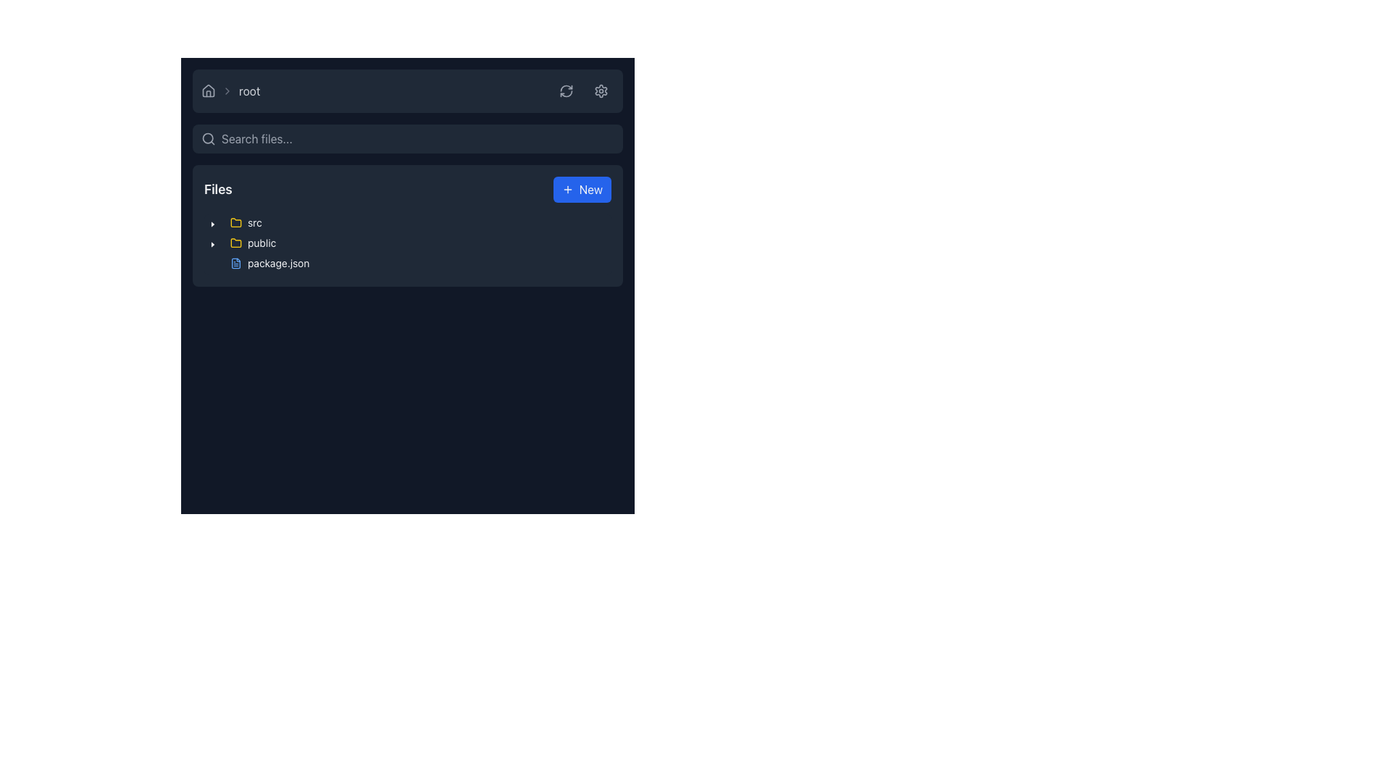 Image resolution: width=1391 pixels, height=782 pixels. What do you see at coordinates (212, 242) in the screenshot?
I see `the triangular-shaped Tree Toggle Button located next to the text 'public'` at bounding box center [212, 242].